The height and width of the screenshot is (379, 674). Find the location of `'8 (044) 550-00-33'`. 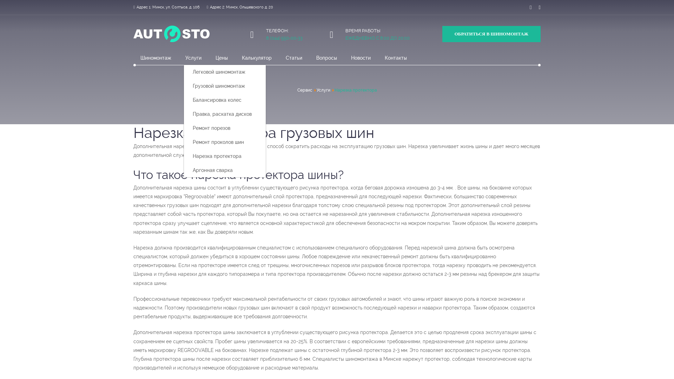

'8 (044) 550-00-33' is located at coordinates (284, 38).